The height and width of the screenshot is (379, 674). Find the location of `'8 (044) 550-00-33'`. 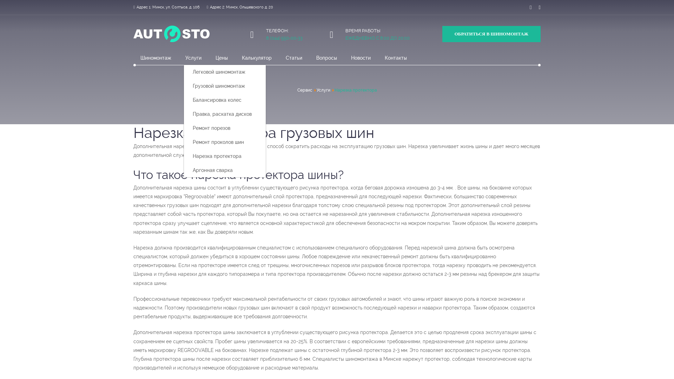

'8 (044) 550-00-33' is located at coordinates (284, 38).